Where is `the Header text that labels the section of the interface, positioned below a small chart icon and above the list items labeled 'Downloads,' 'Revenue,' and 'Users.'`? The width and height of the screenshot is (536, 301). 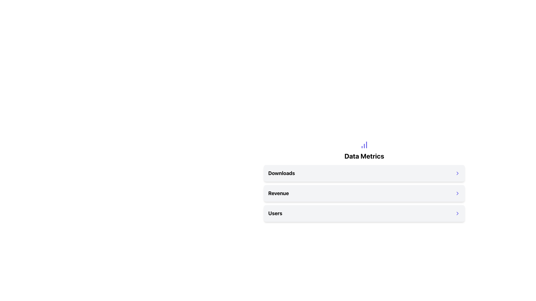
the Header text that labels the section of the interface, positioned below a small chart icon and above the list items labeled 'Downloads,' 'Revenue,' and 'Users.' is located at coordinates (364, 156).